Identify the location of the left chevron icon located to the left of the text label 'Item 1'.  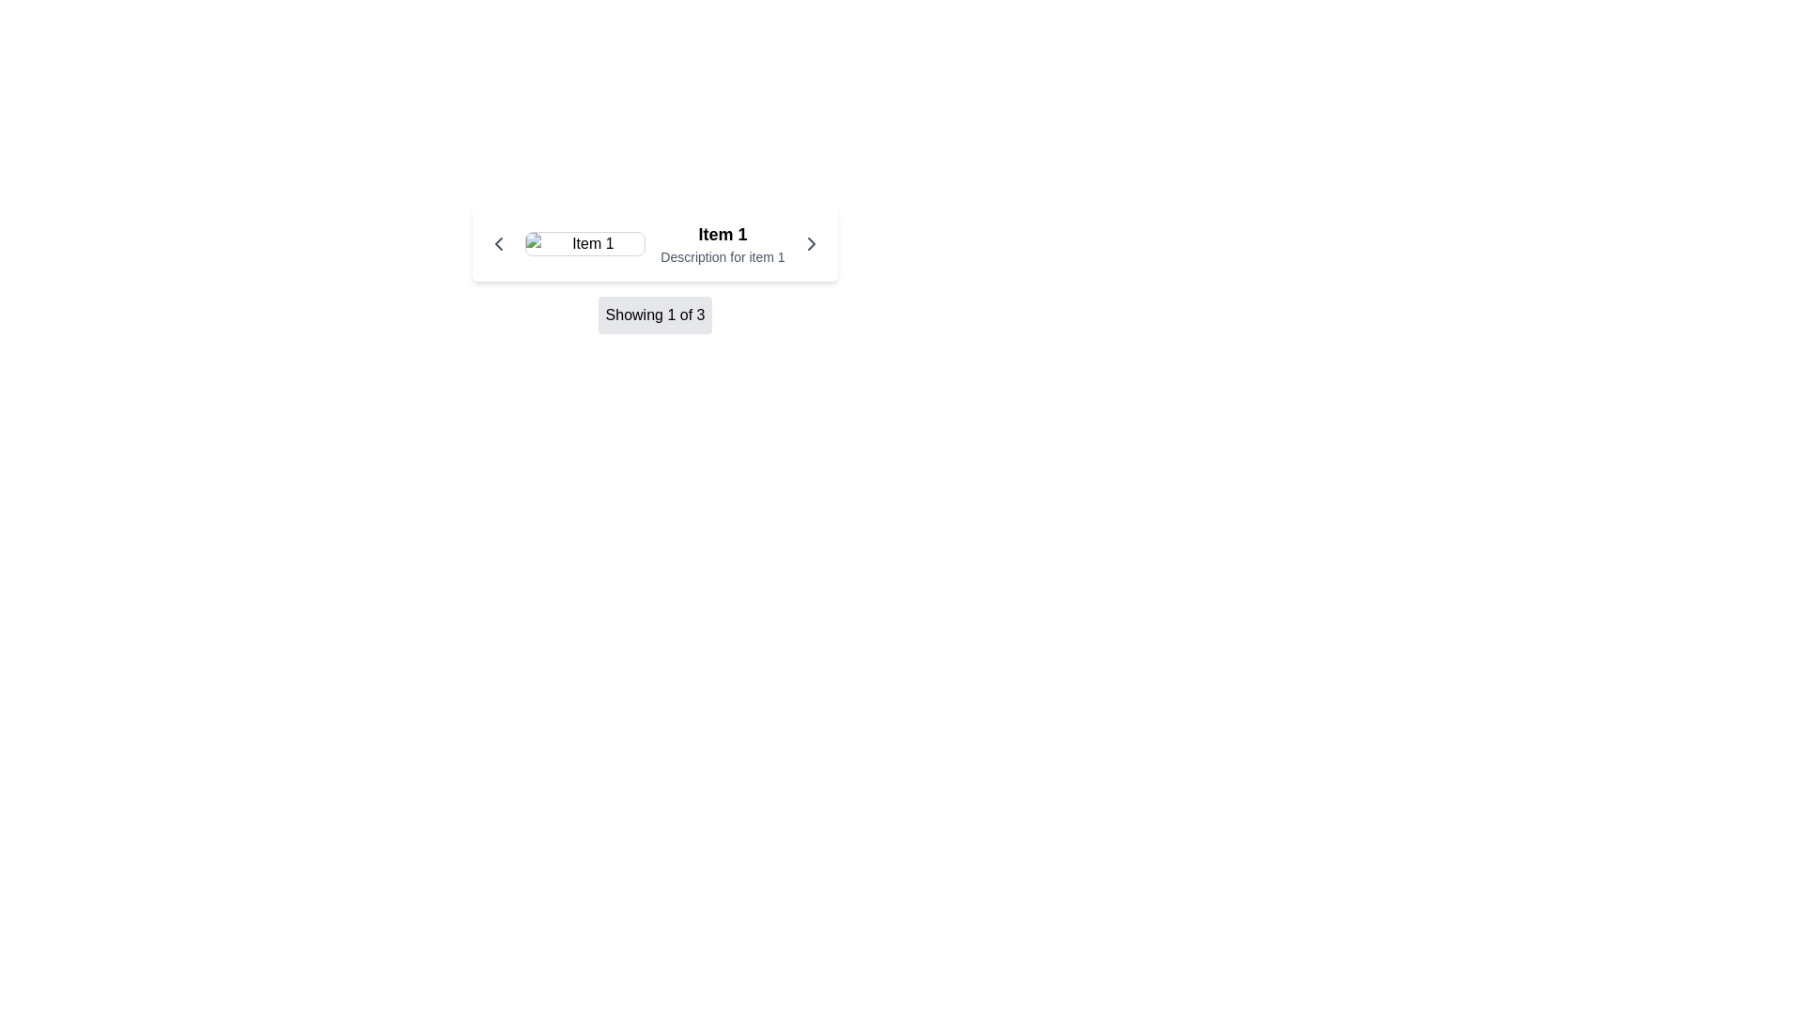
(499, 242).